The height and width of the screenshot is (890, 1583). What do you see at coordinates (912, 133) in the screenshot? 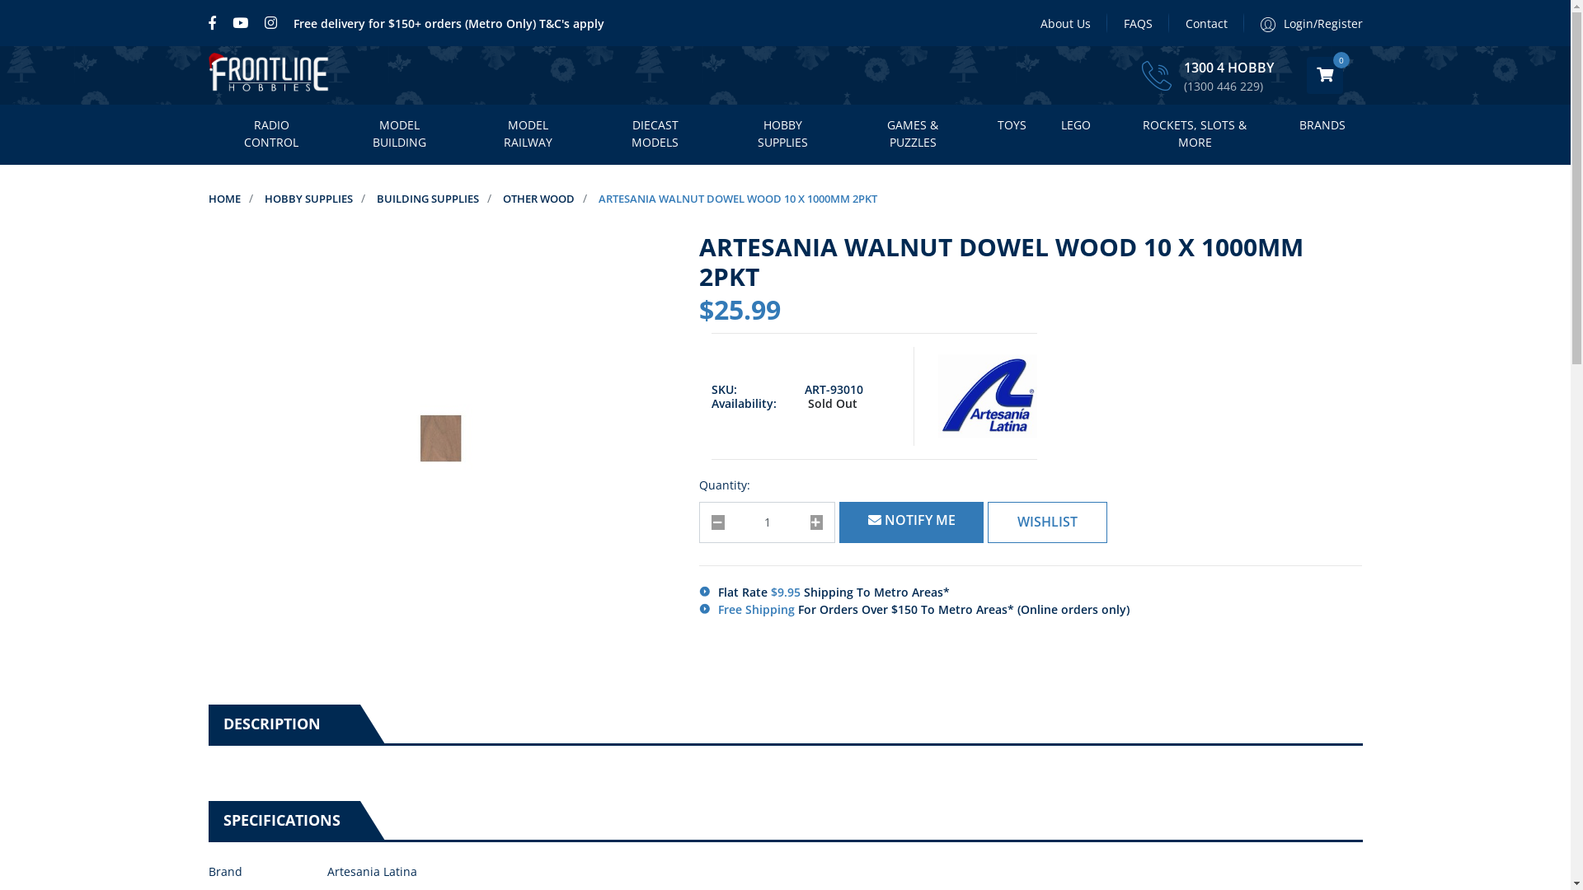
I see `'GAMES & PUZZLES'` at bounding box center [912, 133].